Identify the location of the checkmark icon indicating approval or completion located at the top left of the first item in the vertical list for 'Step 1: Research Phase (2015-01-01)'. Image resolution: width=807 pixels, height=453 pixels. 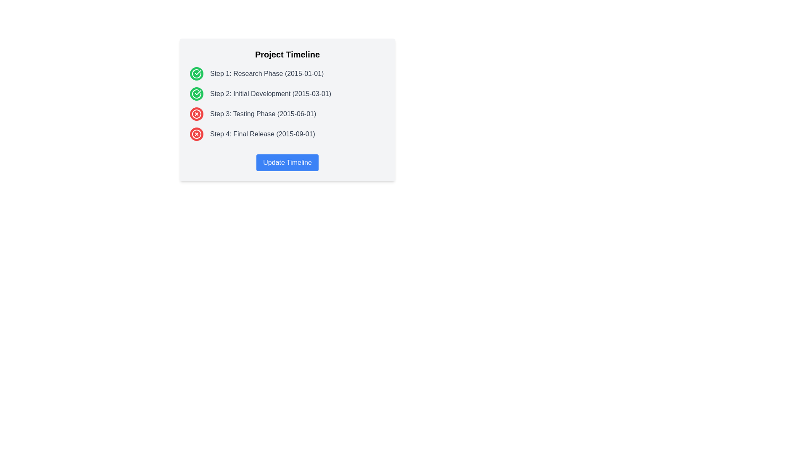
(198, 72).